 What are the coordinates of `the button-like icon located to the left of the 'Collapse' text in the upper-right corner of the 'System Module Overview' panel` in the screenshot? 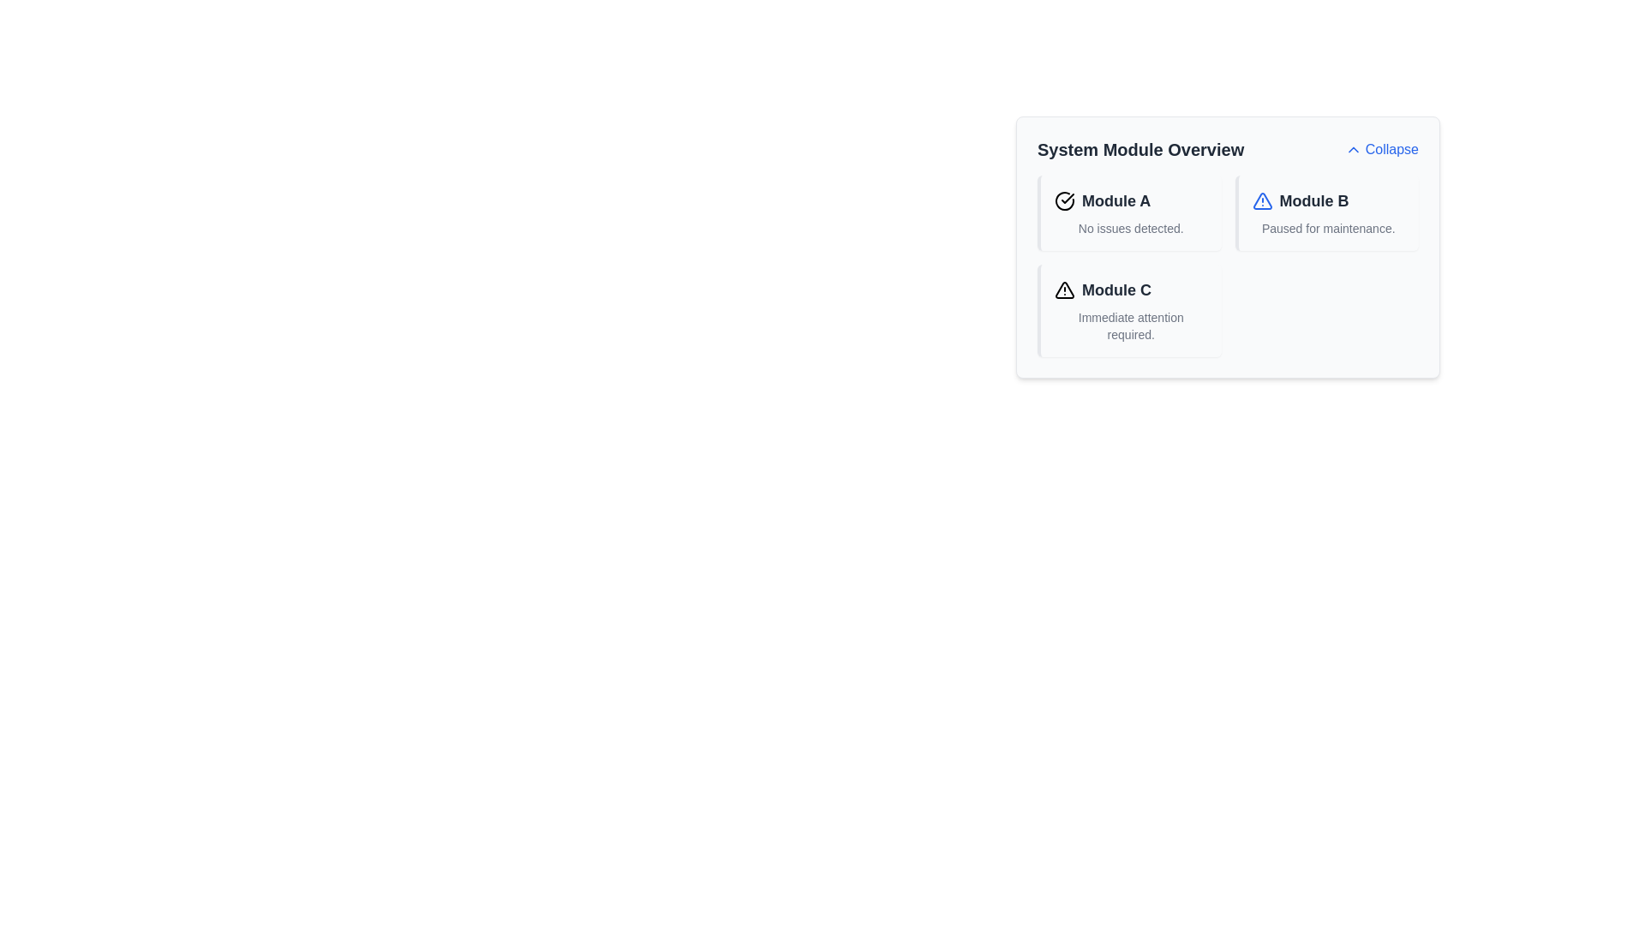 It's located at (1352, 148).